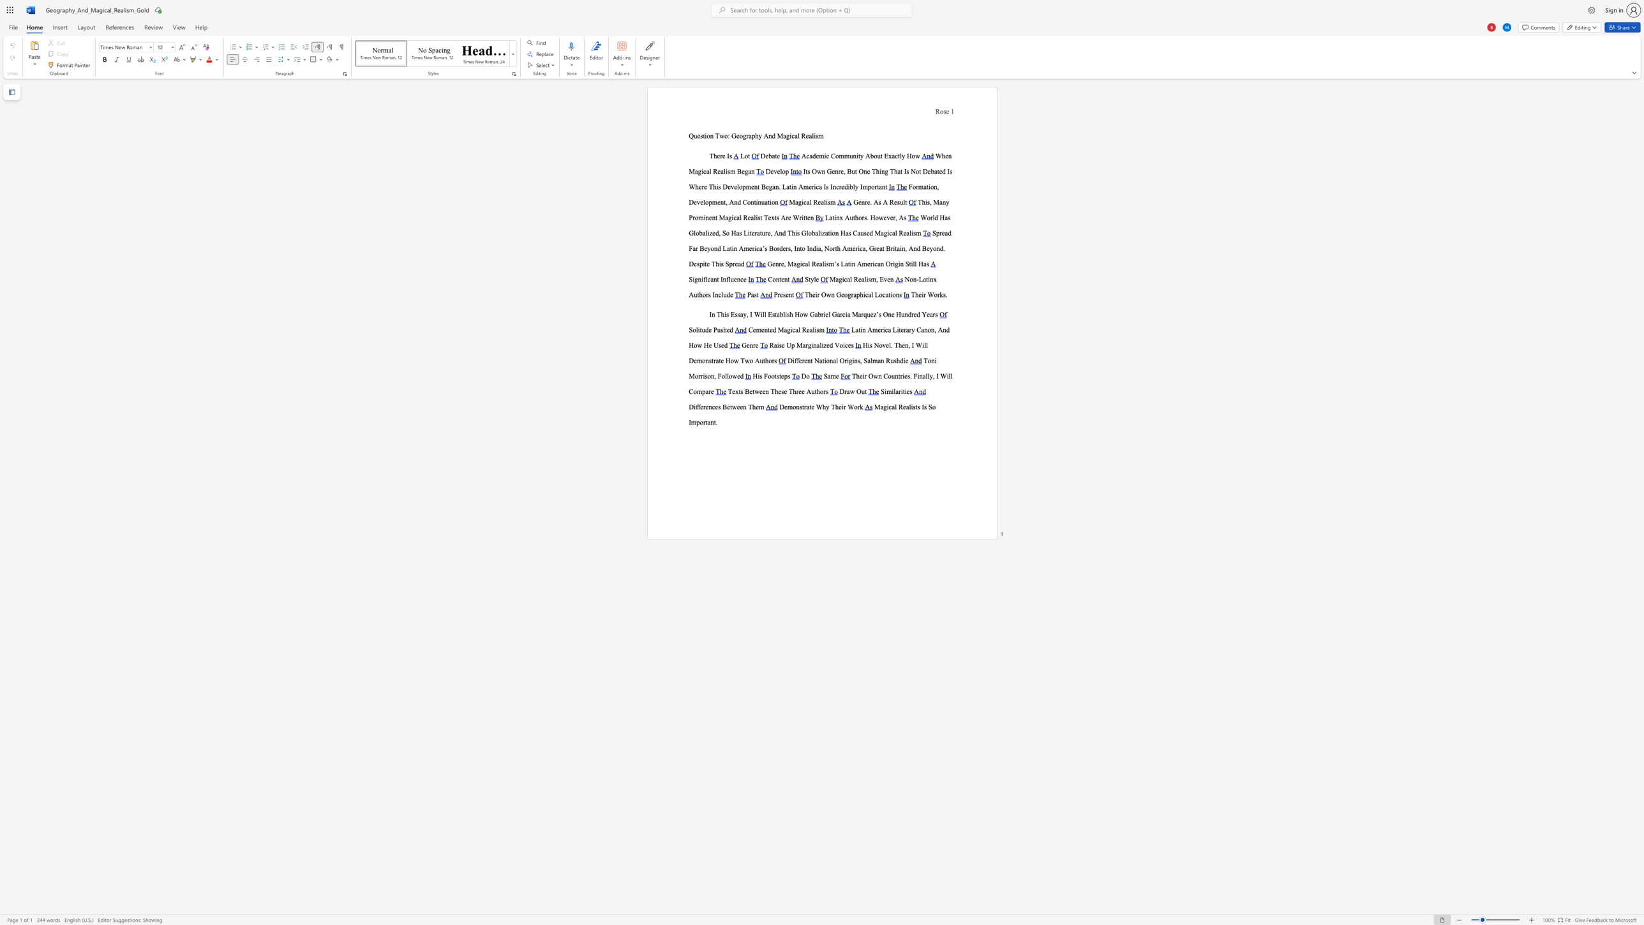 The width and height of the screenshot is (1644, 925). I want to click on the subset text "ces" within the text "Raise Up Marginalized Voices", so click(844, 345).